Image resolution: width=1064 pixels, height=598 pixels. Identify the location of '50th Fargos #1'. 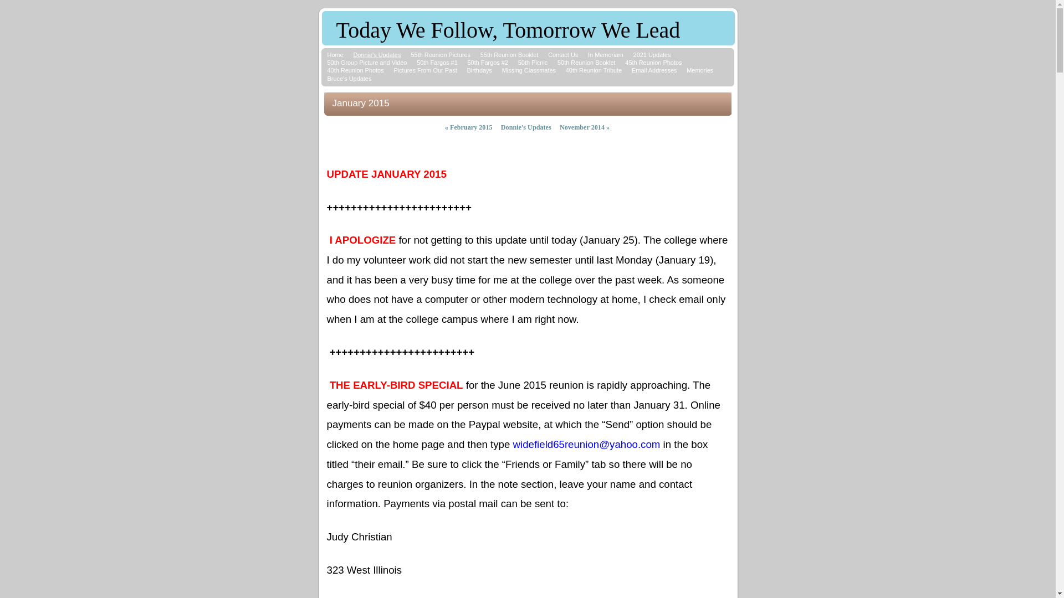
(436, 62).